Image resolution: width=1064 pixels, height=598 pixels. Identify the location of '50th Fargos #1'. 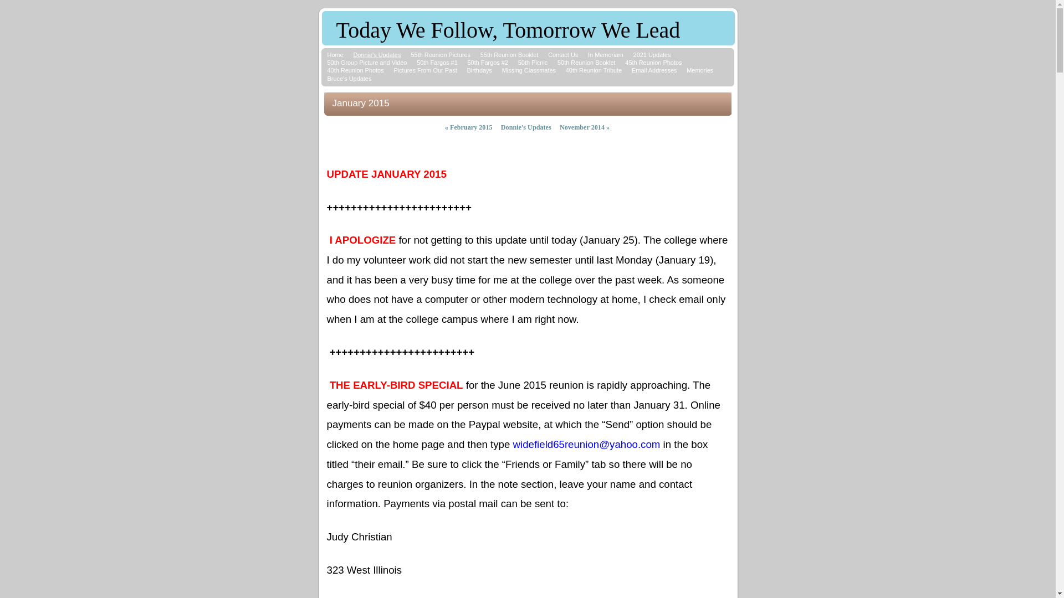
(436, 62).